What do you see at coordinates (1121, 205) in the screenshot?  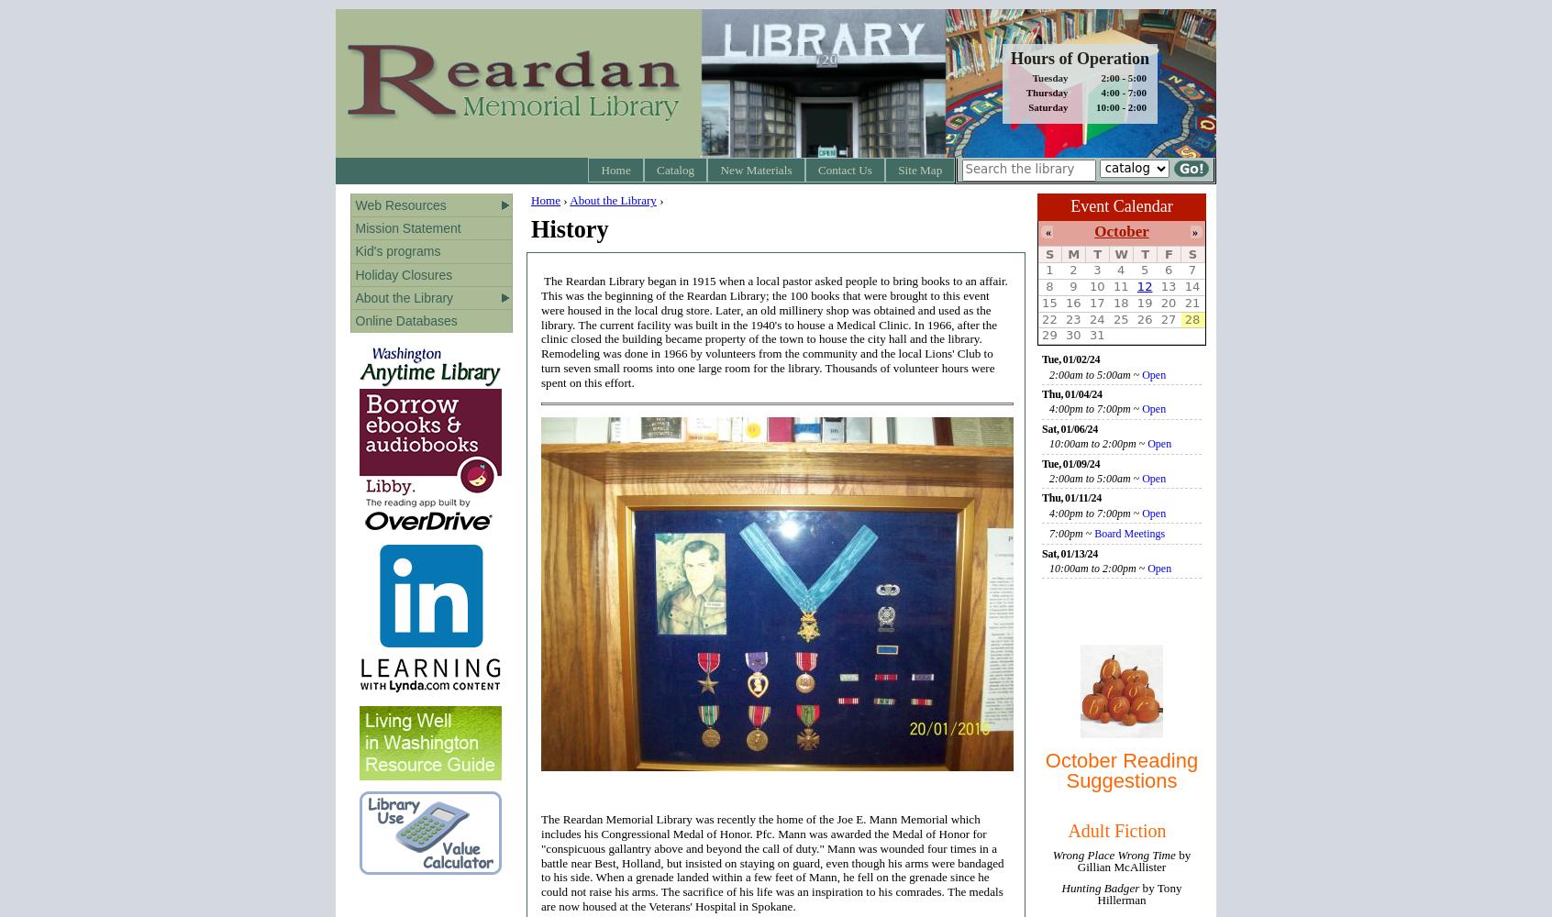 I see `'Event Calendar'` at bounding box center [1121, 205].